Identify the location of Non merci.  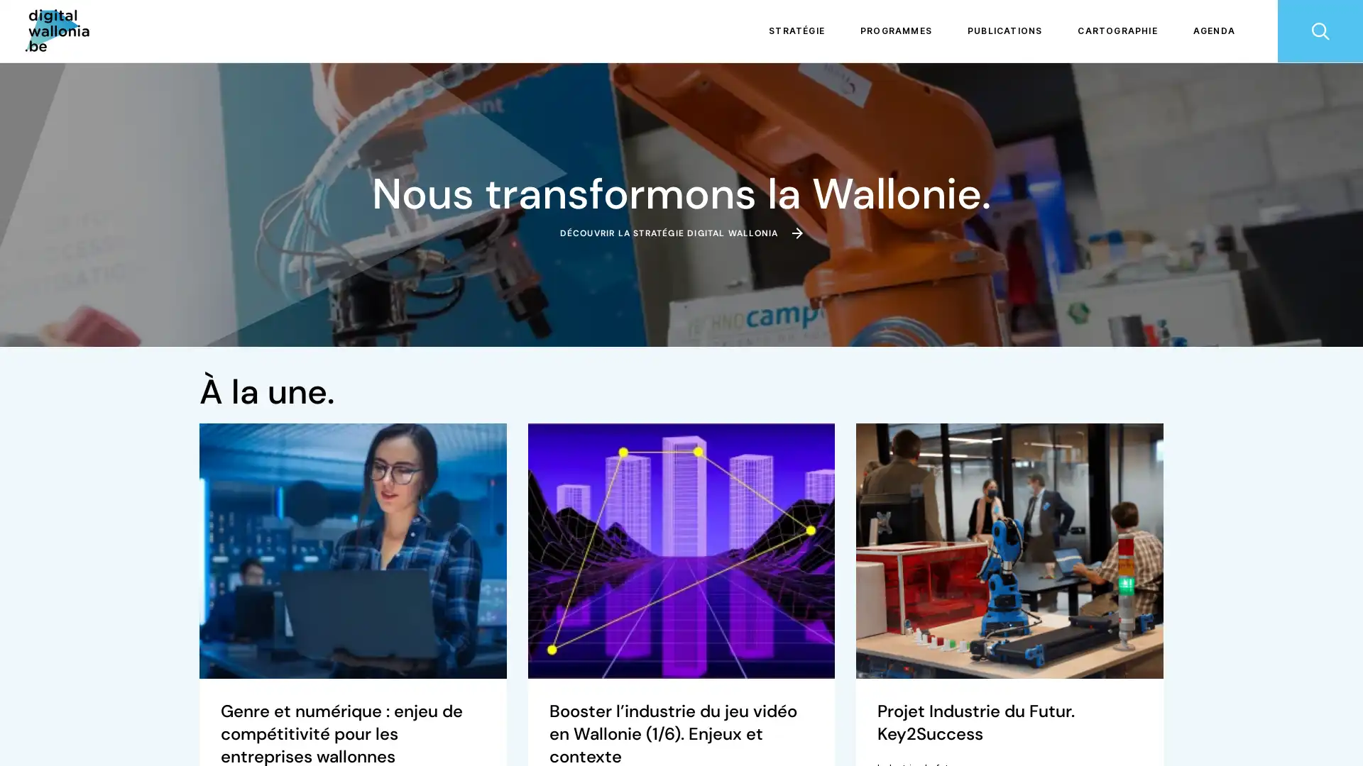
(63, 694).